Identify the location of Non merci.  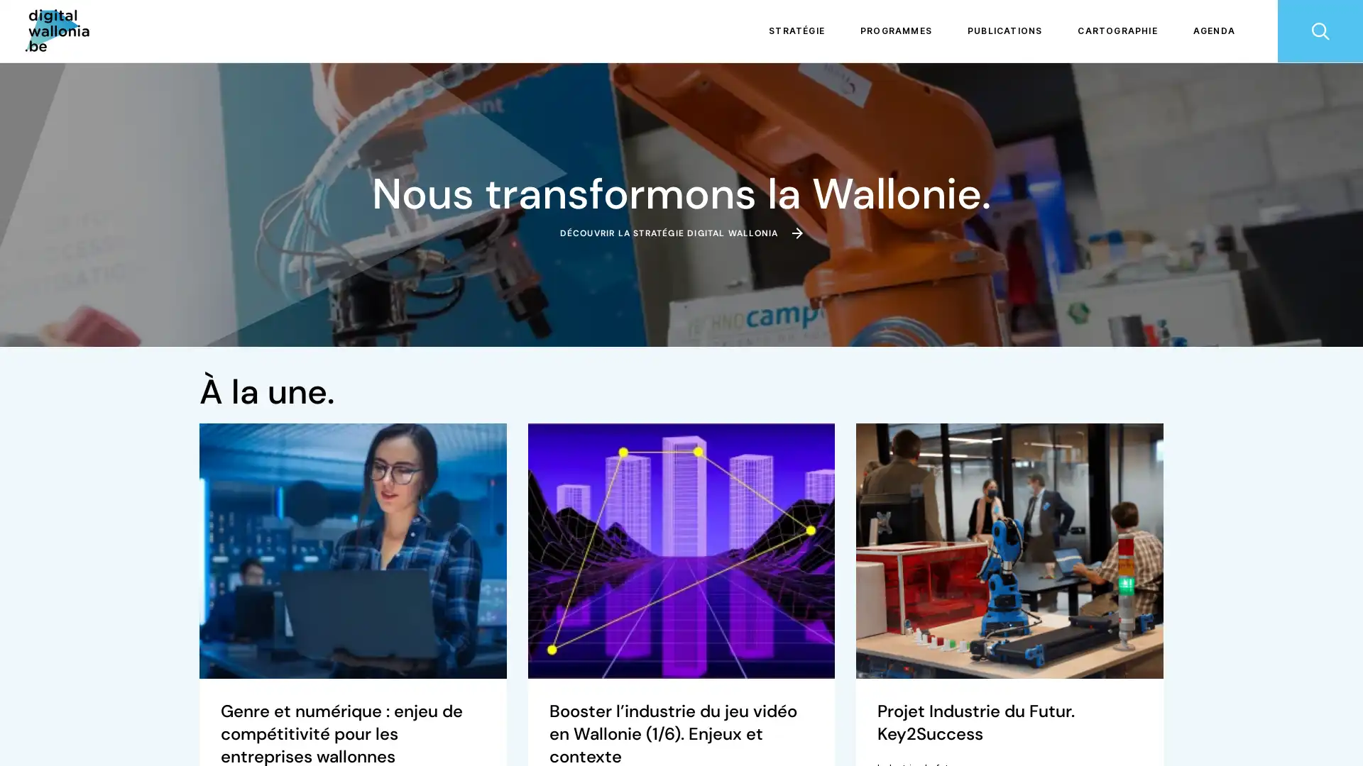
(63, 694).